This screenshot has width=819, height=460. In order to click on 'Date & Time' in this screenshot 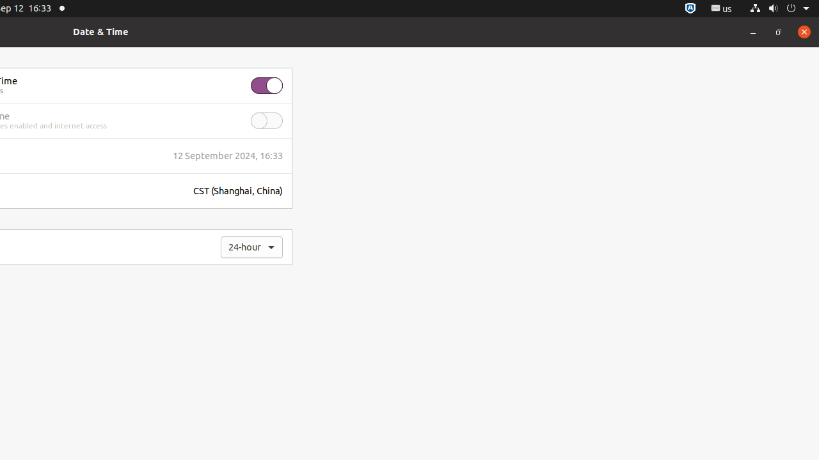, I will do `click(100, 31)`.